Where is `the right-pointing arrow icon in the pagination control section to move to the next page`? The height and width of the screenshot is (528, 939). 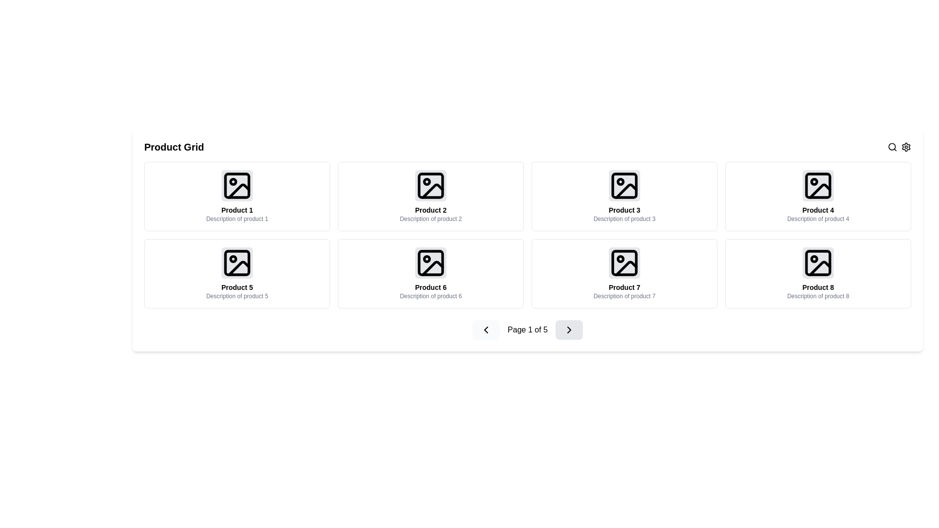 the right-pointing arrow icon in the pagination control section to move to the next page is located at coordinates (569, 330).